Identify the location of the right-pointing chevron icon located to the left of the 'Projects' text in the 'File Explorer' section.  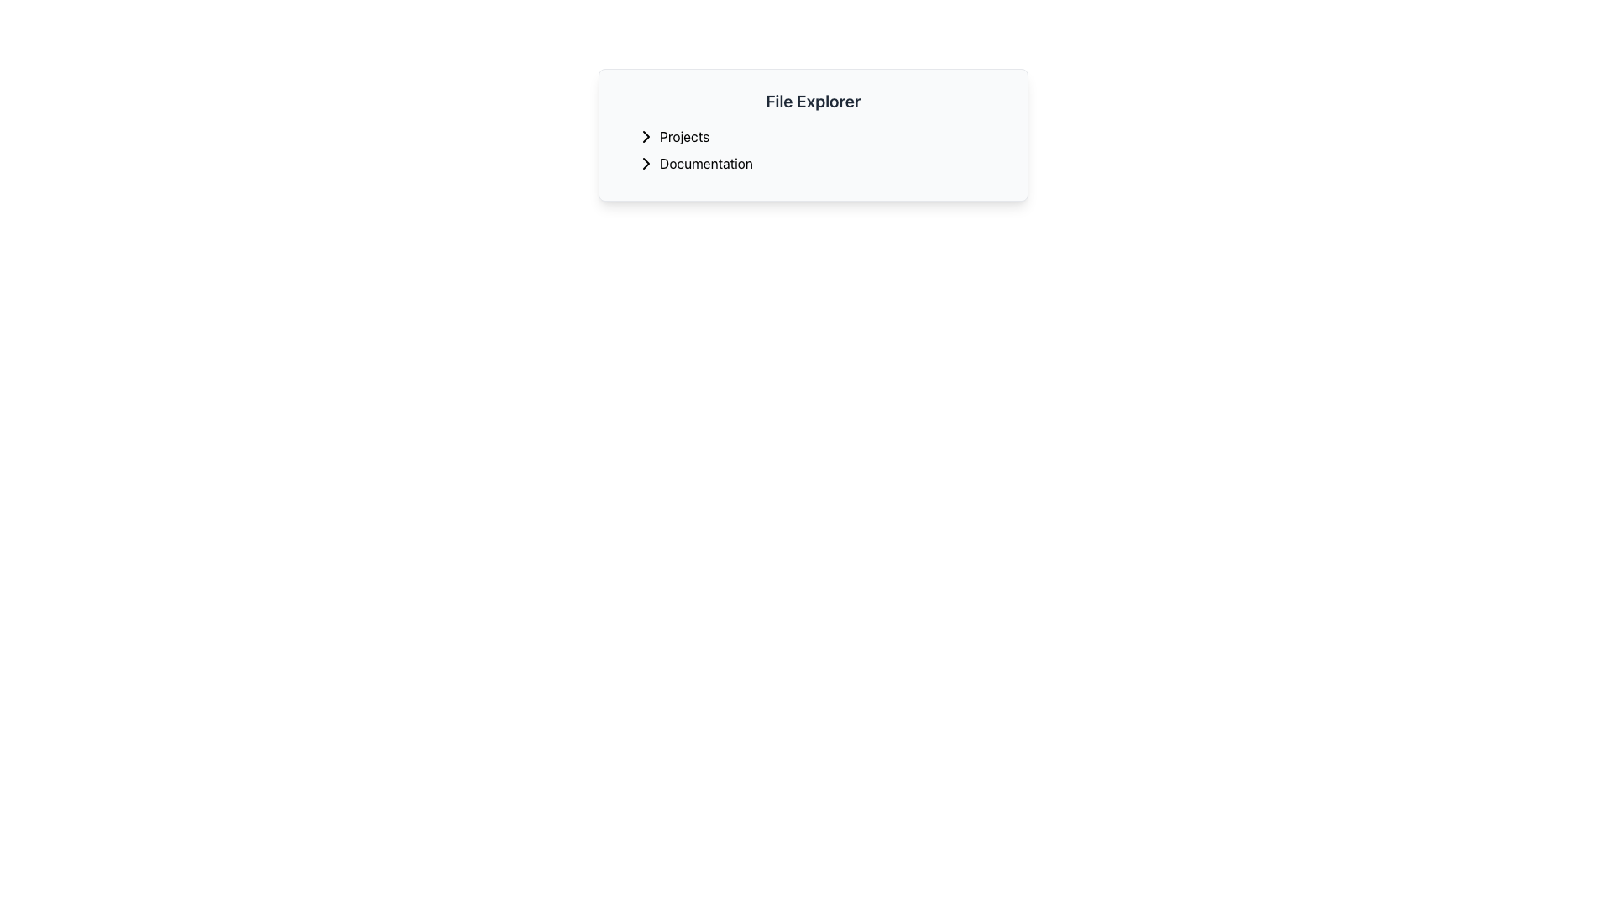
(645, 135).